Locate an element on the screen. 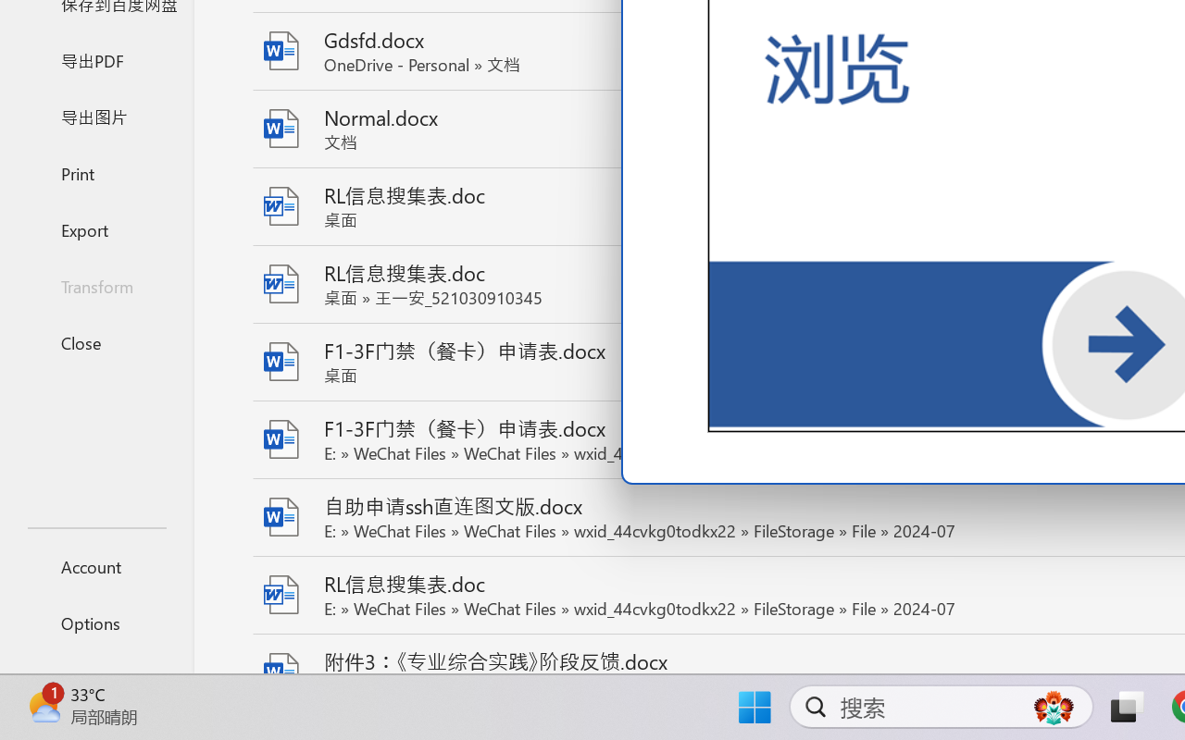 The image size is (1185, 740). 'Options' is located at coordinates (95, 623).